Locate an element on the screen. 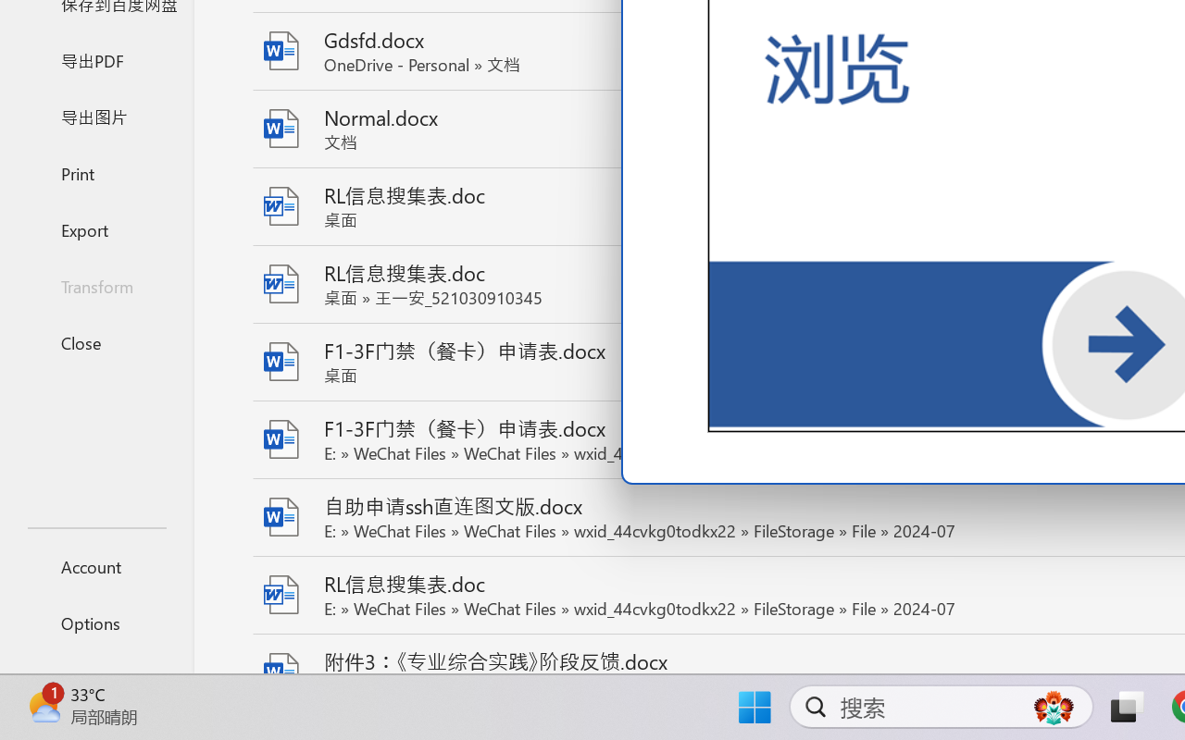 The image size is (1185, 740). 'Options' is located at coordinates (95, 623).